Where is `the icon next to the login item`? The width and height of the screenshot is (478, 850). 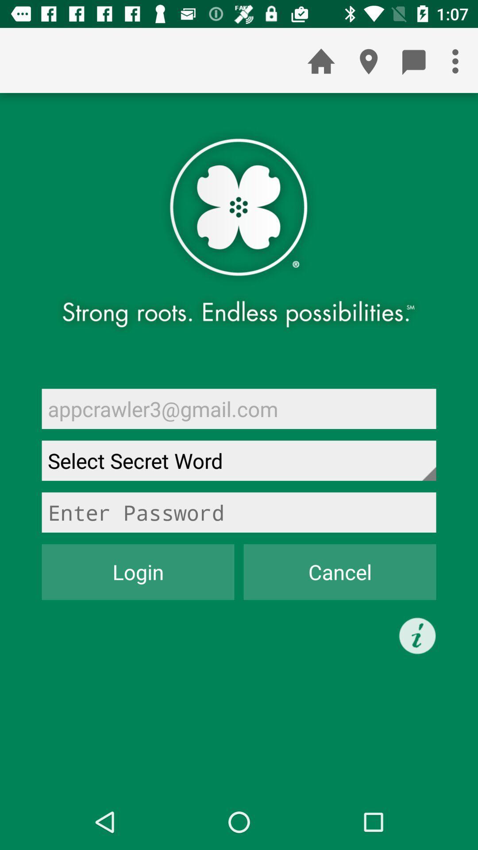 the icon next to the login item is located at coordinates (339, 572).